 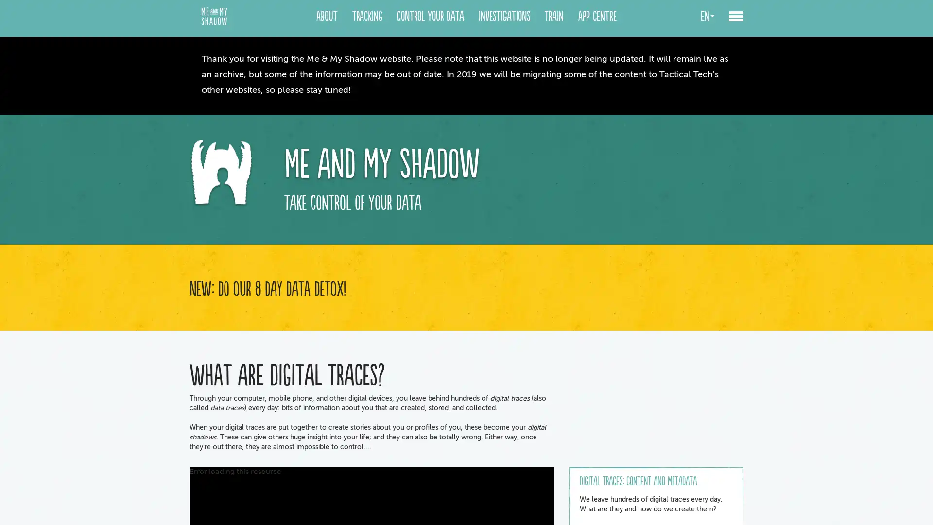 I want to click on toggle menu, so click(x=736, y=17).